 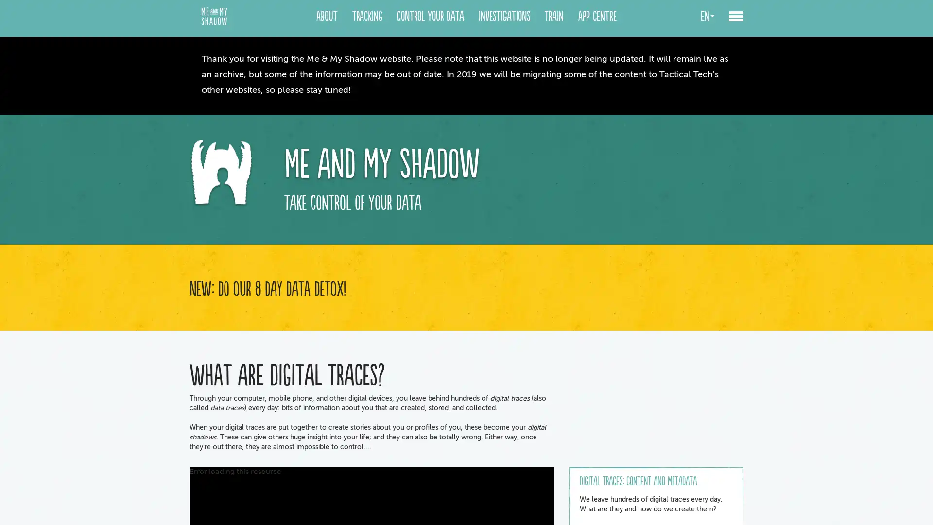 I want to click on toggle menu, so click(x=736, y=17).